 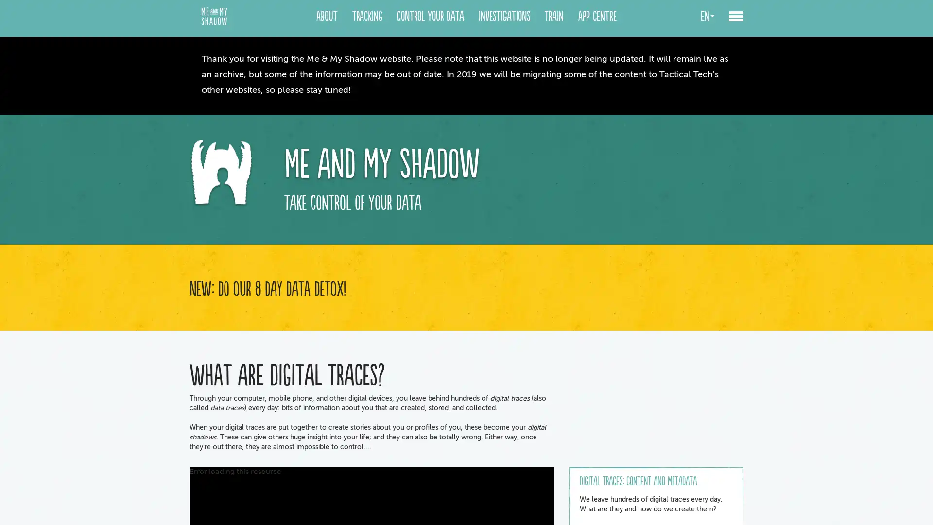 I want to click on toggle menu, so click(x=736, y=17).